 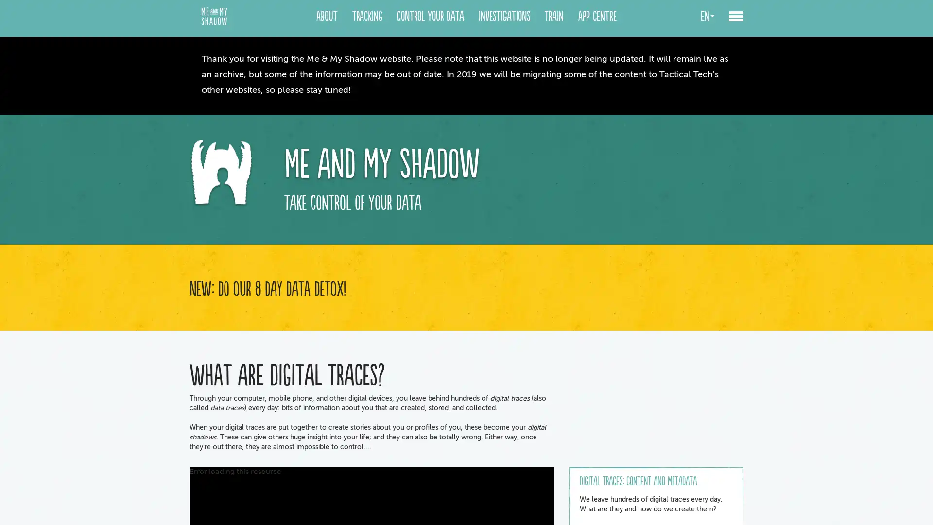 I want to click on toggle menu, so click(x=736, y=17).